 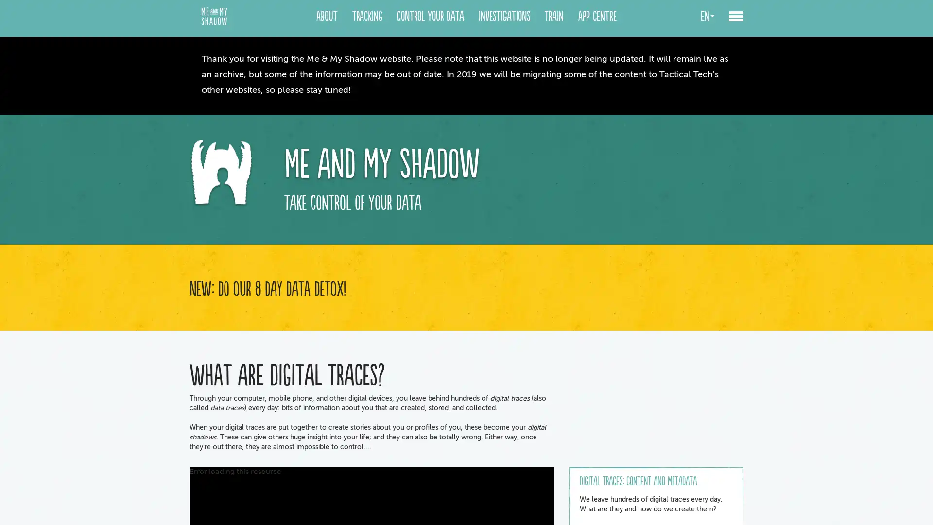 I want to click on toggle menu, so click(x=736, y=17).